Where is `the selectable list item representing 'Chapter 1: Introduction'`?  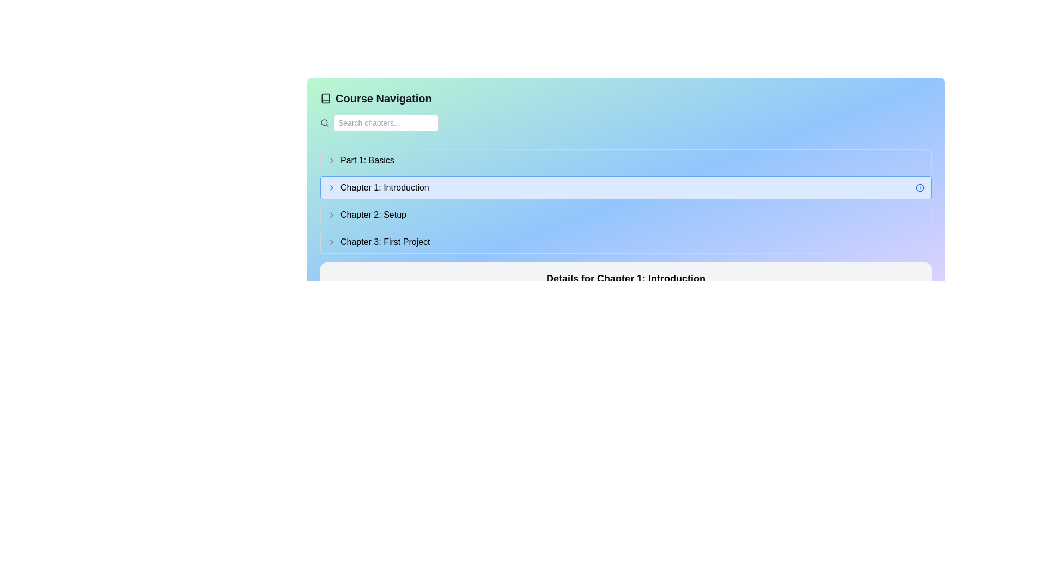
the selectable list item representing 'Chapter 1: Introduction' is located at coordinates (625, 187).